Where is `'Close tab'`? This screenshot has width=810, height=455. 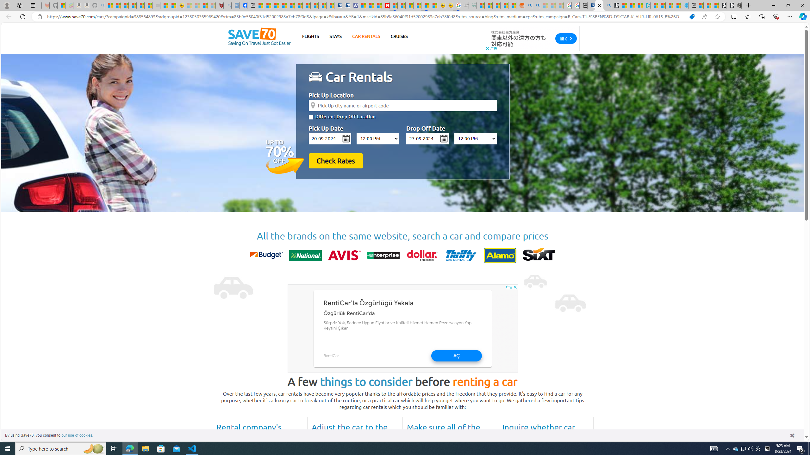 'Close tab' is located at coordinates (599, 5).